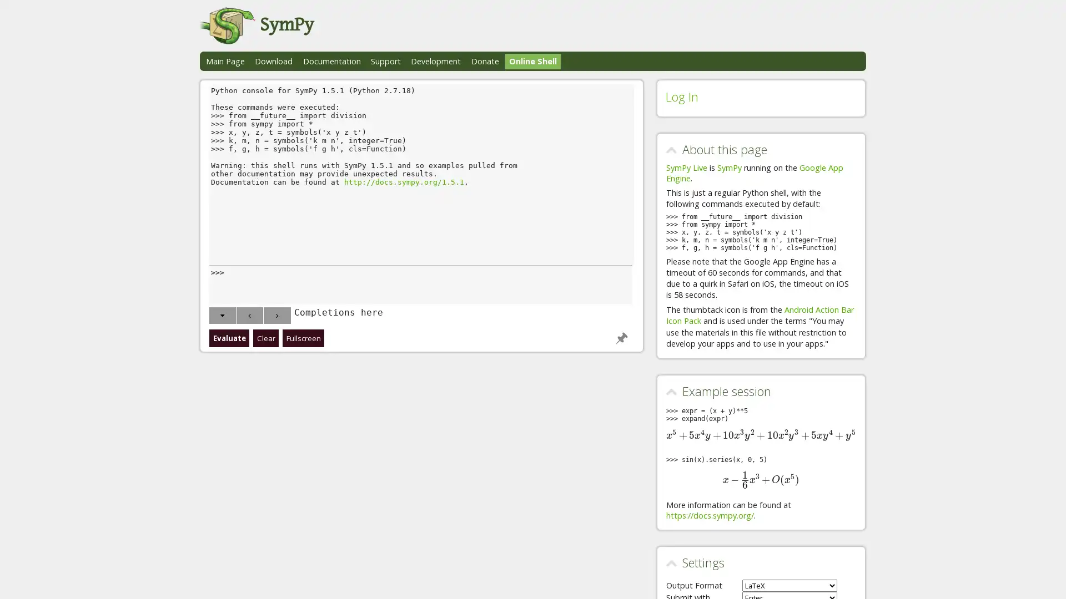 The image size is (1066, 599). What do you see at coordinates (228, 337) in the screenshot?
I see `Evaluate` at bounding box center [228, 337].